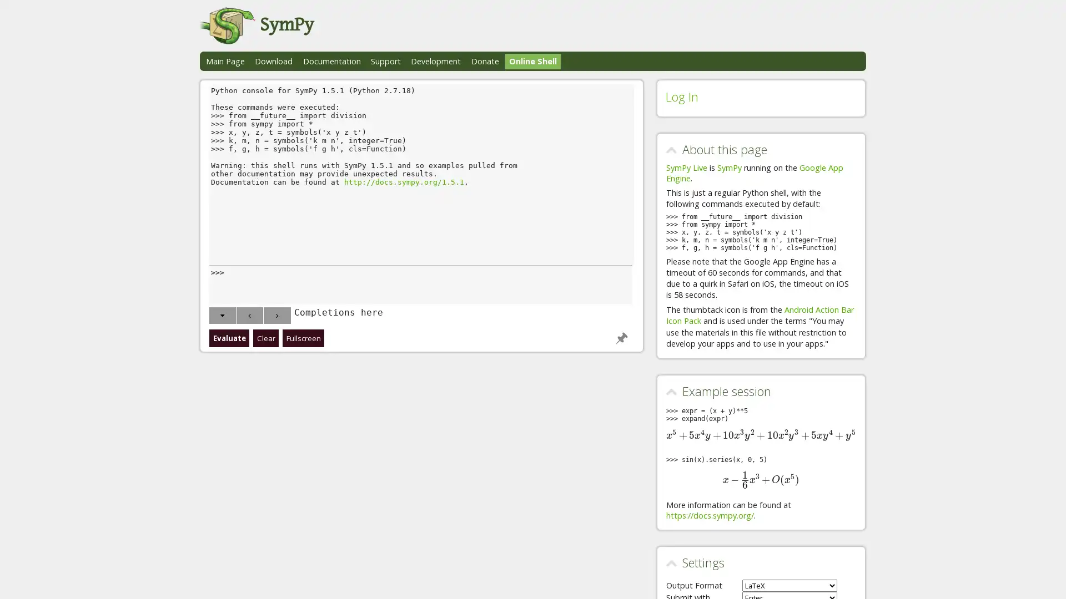 The image size is (1066, 599). What do you see at coordinates (228, 337) in the screenshot?
I see `Evaluate` at bounding box center [228, 337].